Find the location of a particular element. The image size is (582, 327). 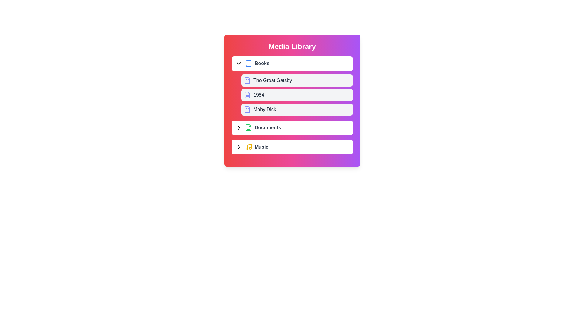

the Books section to reveal its contents is located at coordinates (292, 63).